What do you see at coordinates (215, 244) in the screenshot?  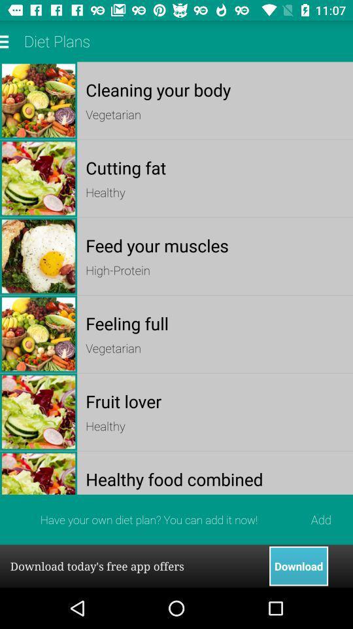 I see `the feed your muscles item` at bounding box center [215, 244].